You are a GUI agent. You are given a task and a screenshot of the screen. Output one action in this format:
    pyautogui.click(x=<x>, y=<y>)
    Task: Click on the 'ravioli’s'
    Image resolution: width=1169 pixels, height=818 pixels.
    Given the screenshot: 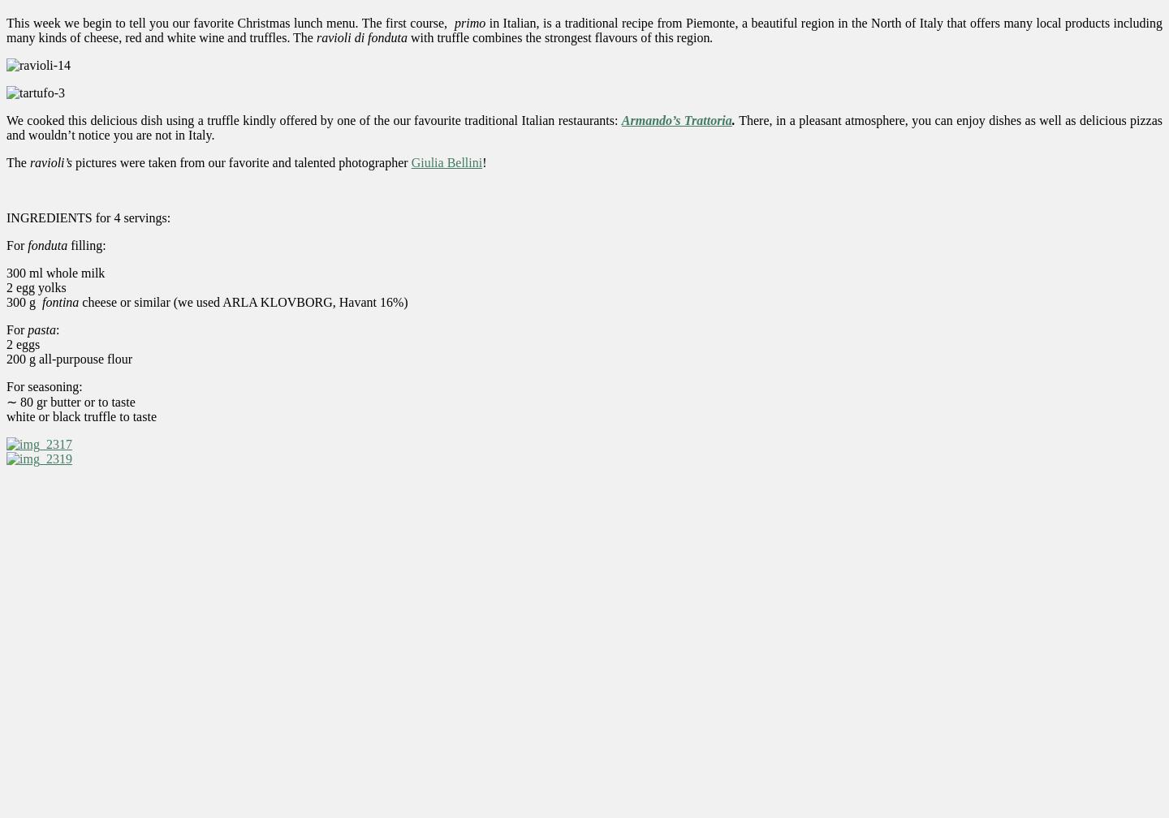 What is the action you would take?
    pyautogui.click(x=28, y=161)
    